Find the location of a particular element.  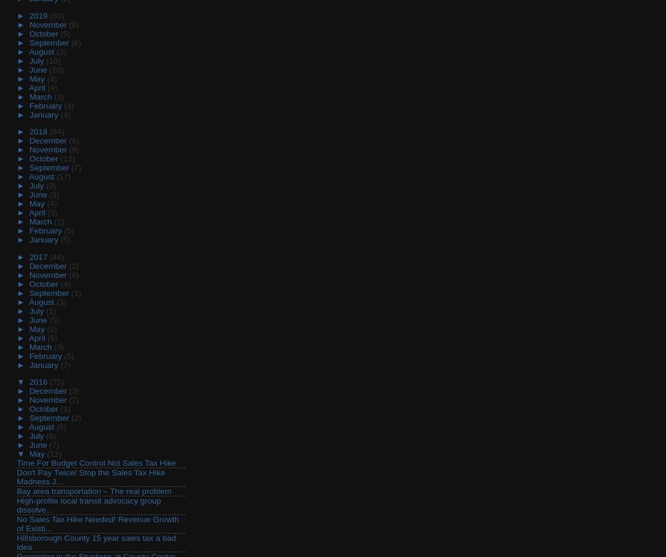

'(12)' is located at coordinates (53, 453).